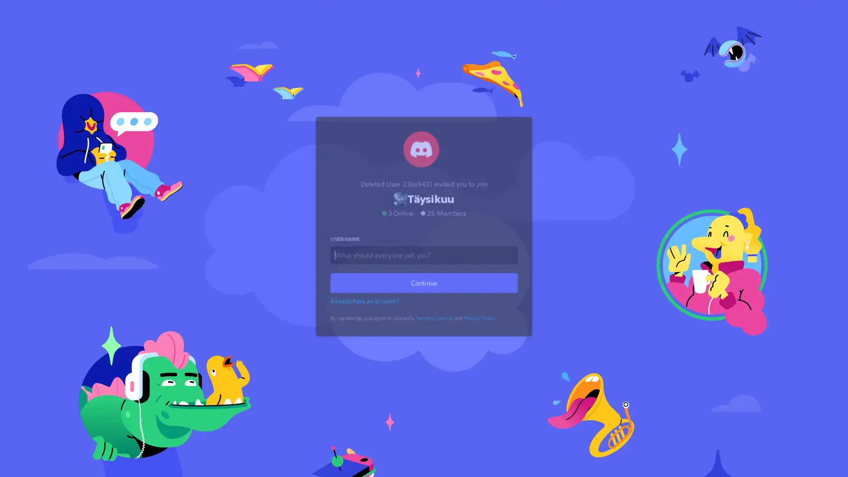  Describe the element at coordinates (366, 311) in the screenshot. I see `Already have an account?` at that location.